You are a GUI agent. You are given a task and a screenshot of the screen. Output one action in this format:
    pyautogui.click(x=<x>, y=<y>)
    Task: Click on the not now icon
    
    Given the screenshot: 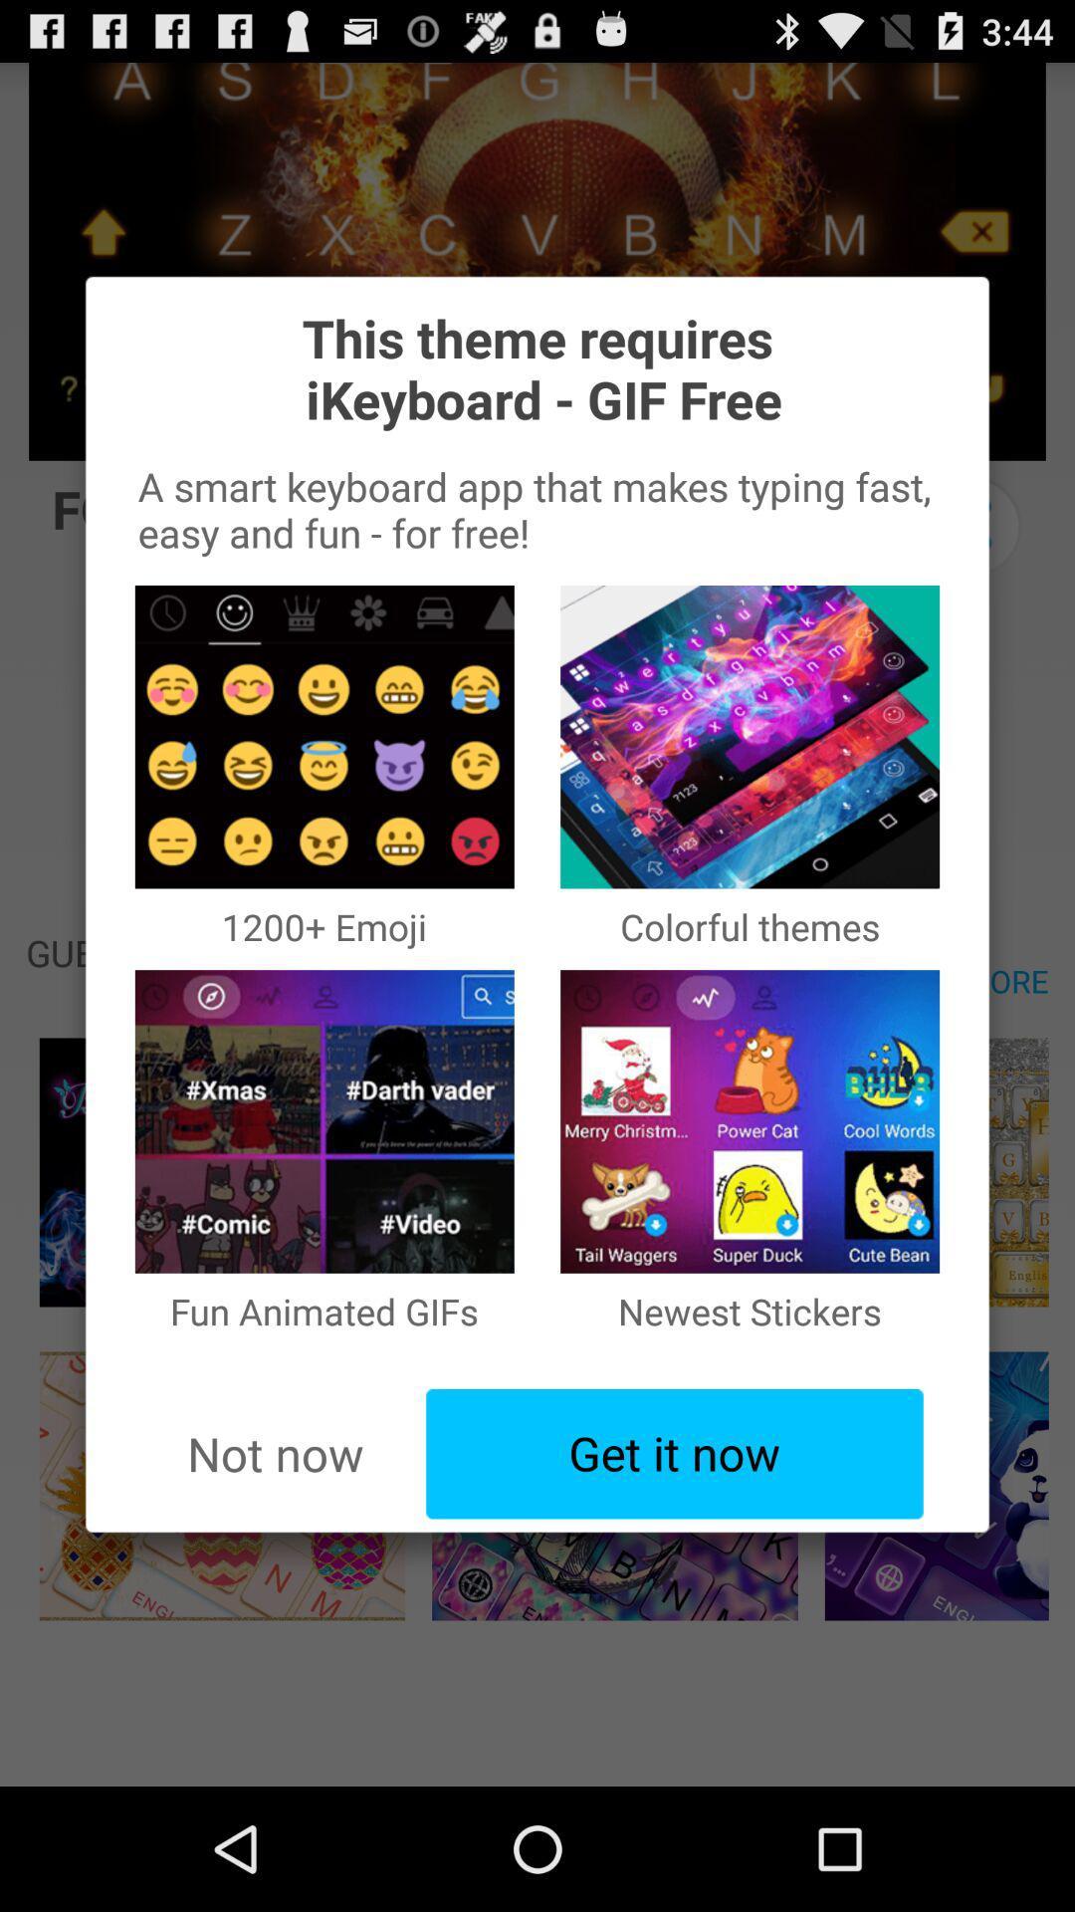 What is the action you would take?
    pyautogui.click(x=275, y=1454)
    